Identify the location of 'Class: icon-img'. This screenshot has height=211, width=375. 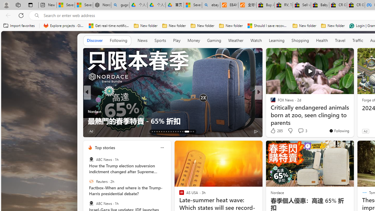
(162, 147).